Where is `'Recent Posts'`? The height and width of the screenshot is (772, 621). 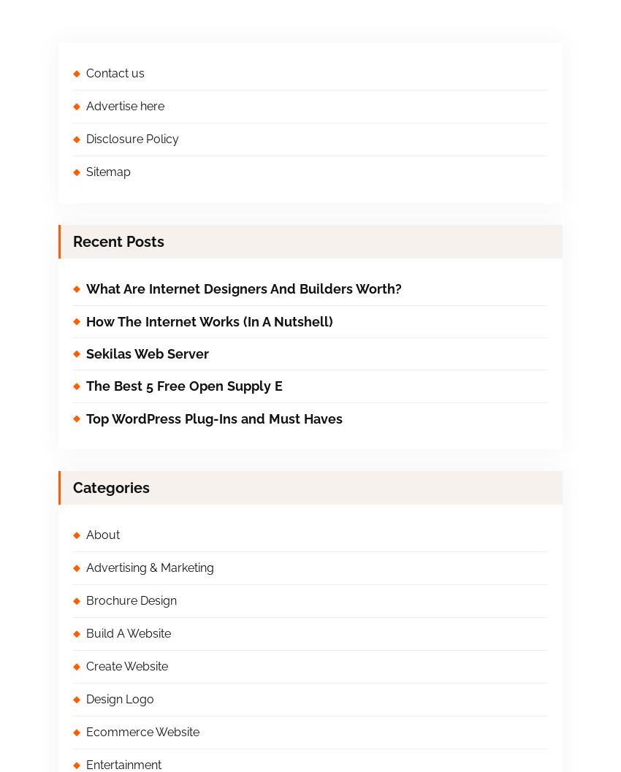 'Recent Posts' is located at coordinates (118, 242).